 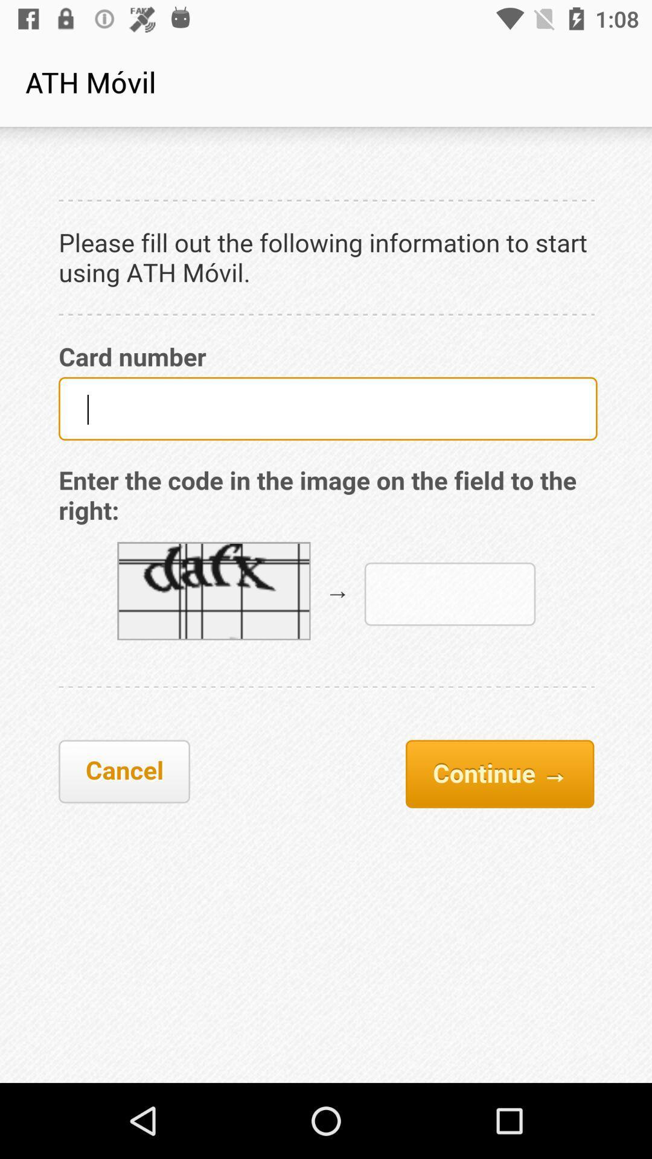 I want to click on captcha icon, so click(x=326, y=605).